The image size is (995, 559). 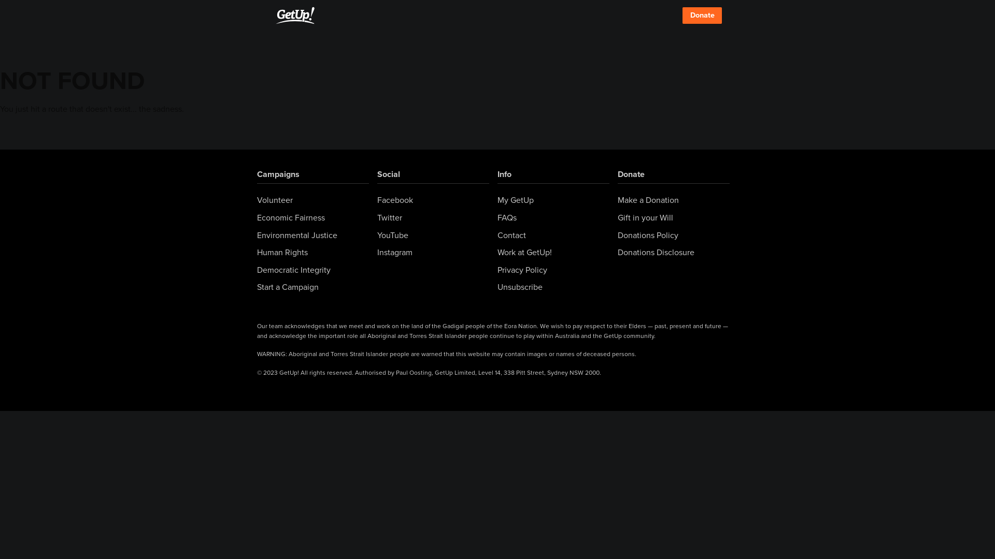 I want to click on 'Donate', so click(x=631, y=173).